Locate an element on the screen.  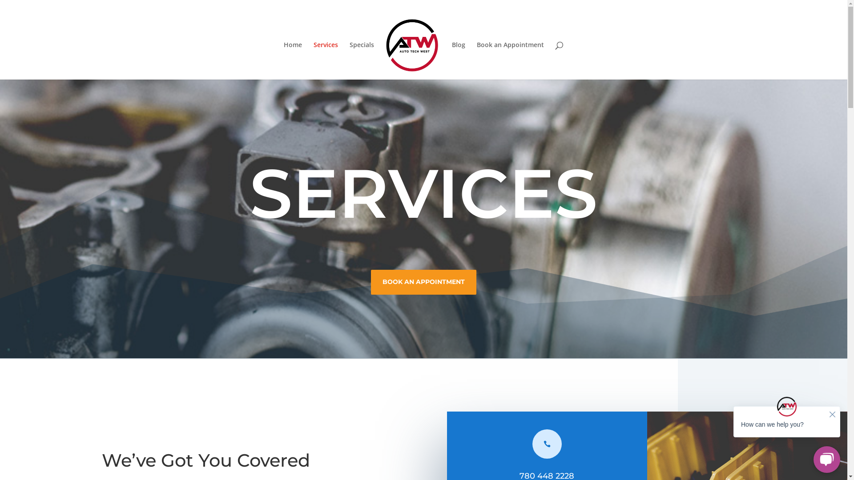
'Specials' is located at coordinates (362, 60).